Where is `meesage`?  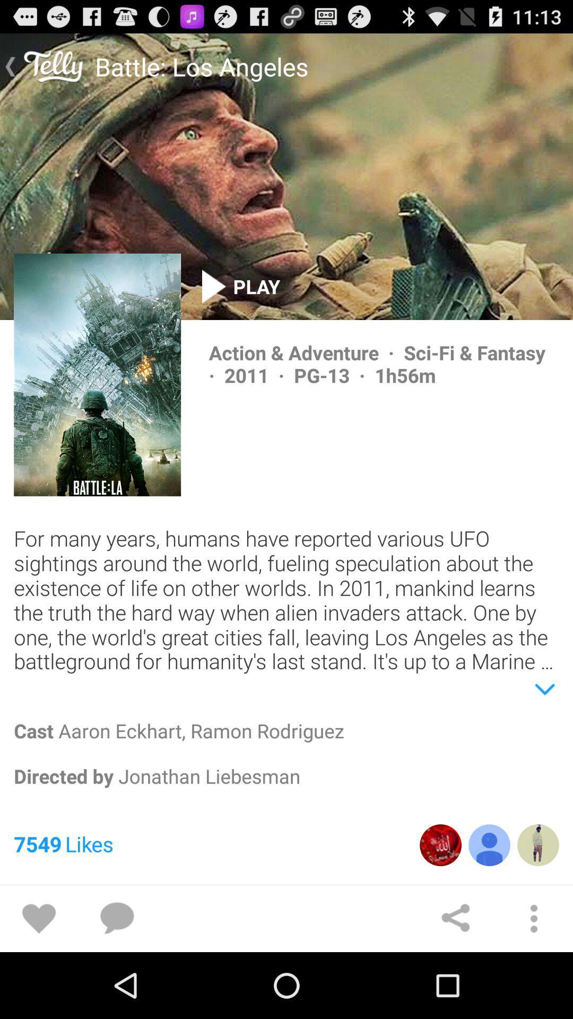 meesage is located at coordinates (117, 918).